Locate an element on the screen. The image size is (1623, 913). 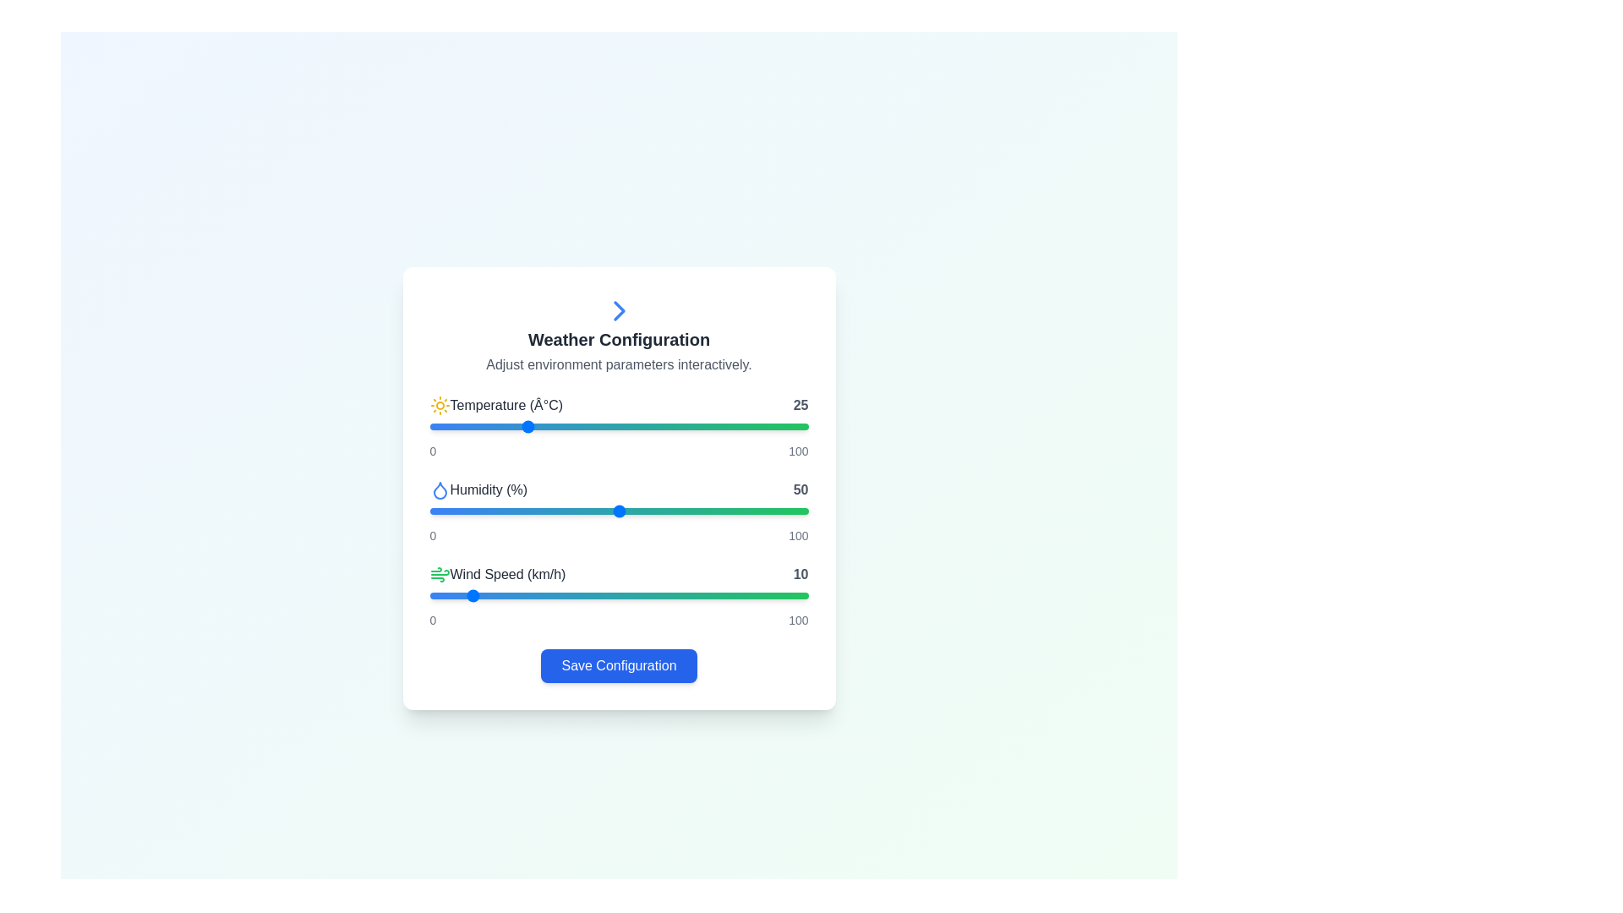
the decorative wind icon representing 'Wind Speed (km/h)' in the Weather Configuration card is located at coordinates (440, 573).